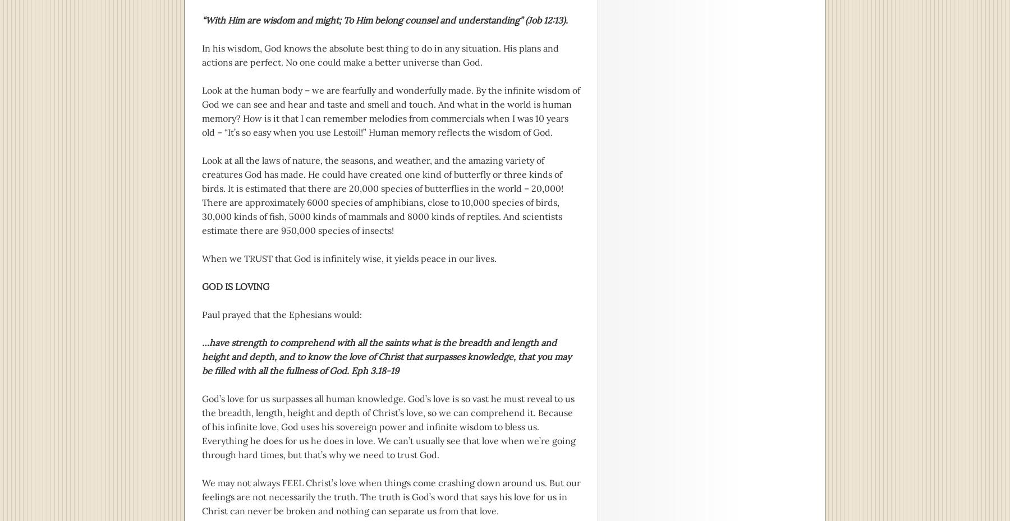 The image size is (1010, 521). I want to click on 'and to know the love of Christ that surpasses knowledge, that you may be filled with all the fullness of God. Eph 3.18-19', so click(202, 363).